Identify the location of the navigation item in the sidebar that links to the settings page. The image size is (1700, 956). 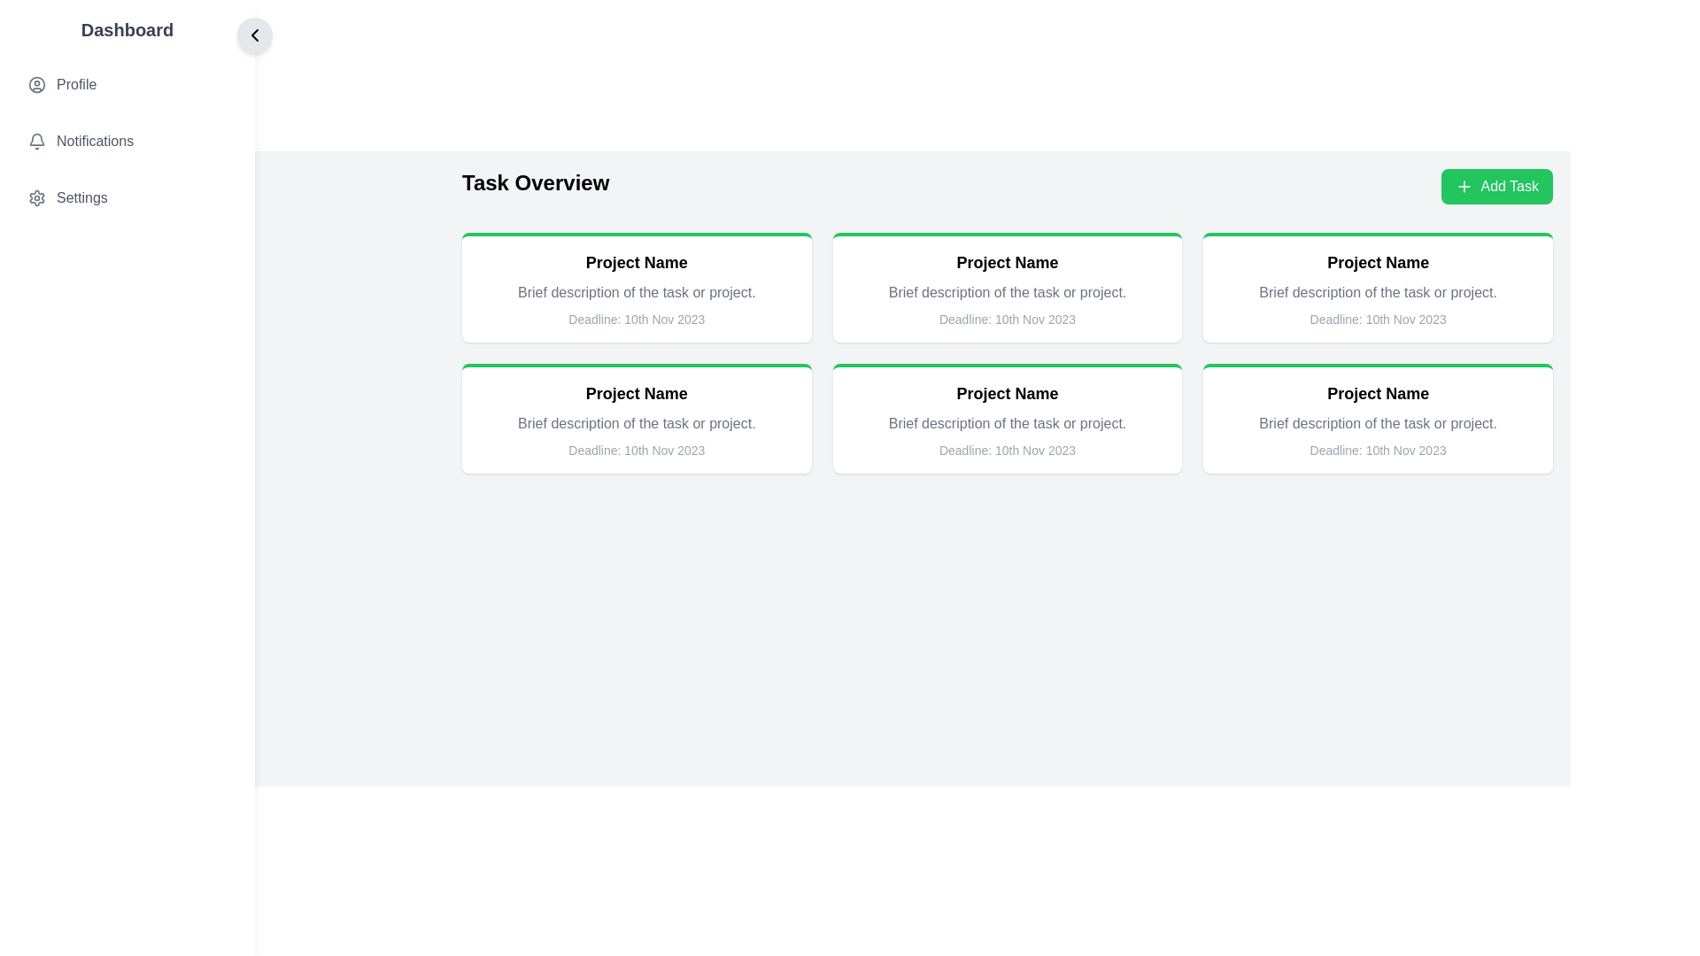
(127, 197).